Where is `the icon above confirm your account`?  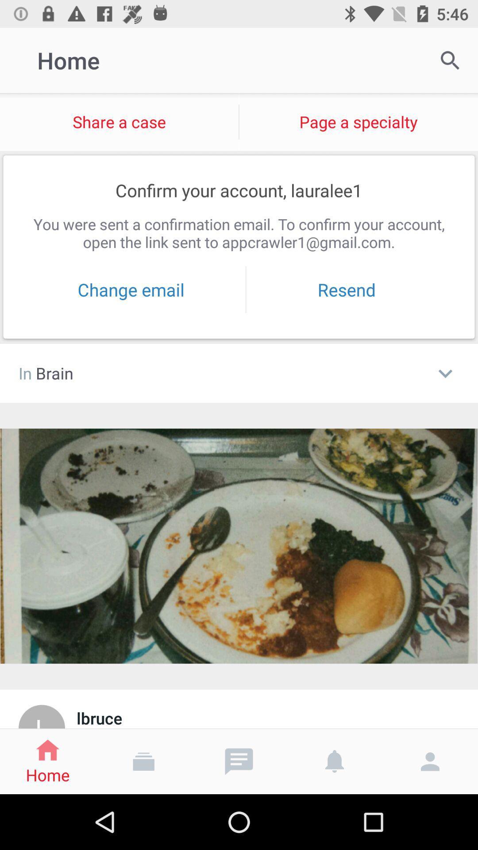
the icon above confirm your account is located at coordinates (119, 121).